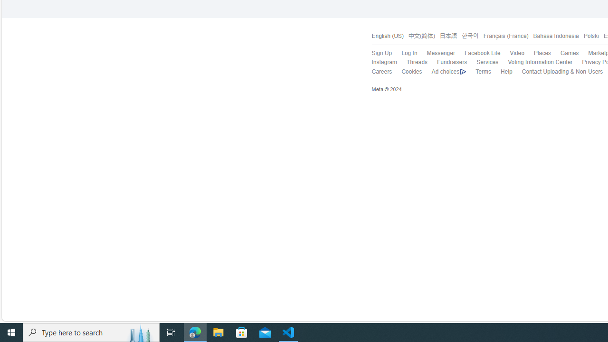 This screenshot has width=608, height=342. Describe the element at coordinates (388, 36) in the screenshot. I see `'English (US)'` at that location.